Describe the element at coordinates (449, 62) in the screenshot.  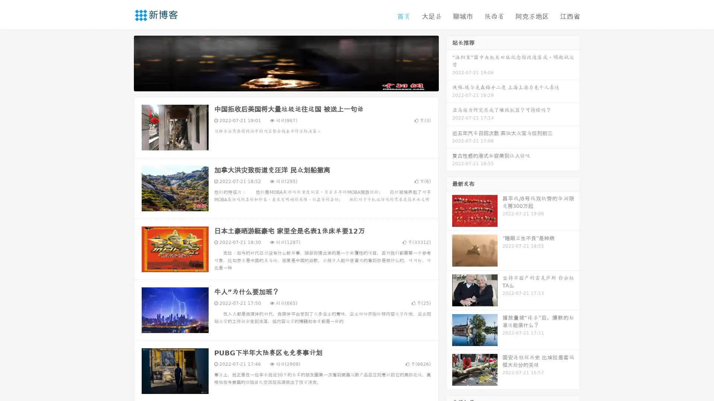
I see `Next slide` at that location.